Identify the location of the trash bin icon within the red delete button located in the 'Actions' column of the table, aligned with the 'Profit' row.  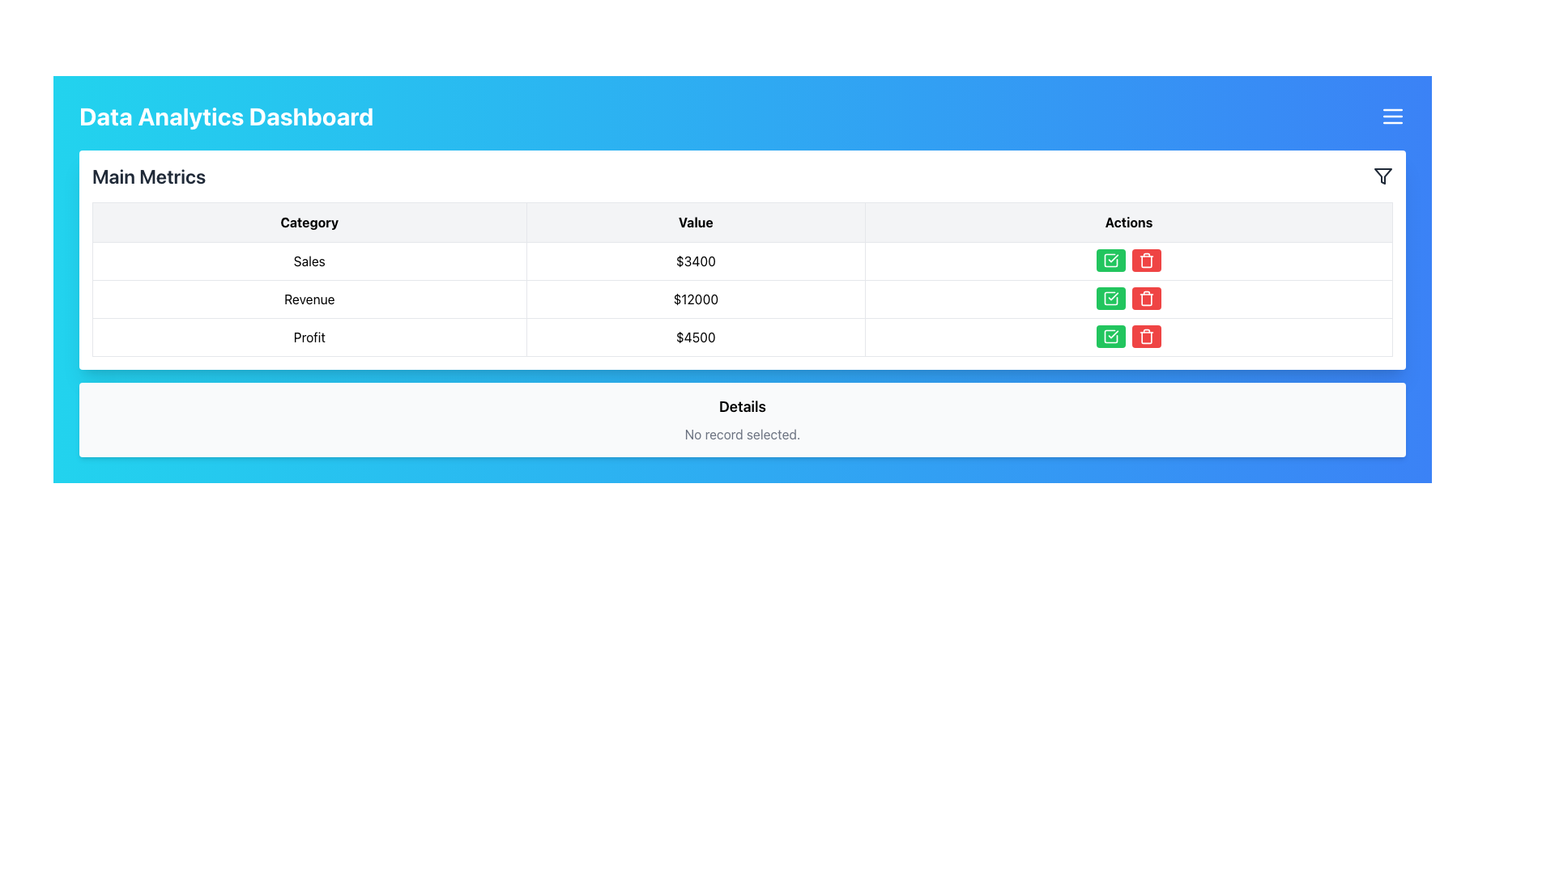
(1146, 336).